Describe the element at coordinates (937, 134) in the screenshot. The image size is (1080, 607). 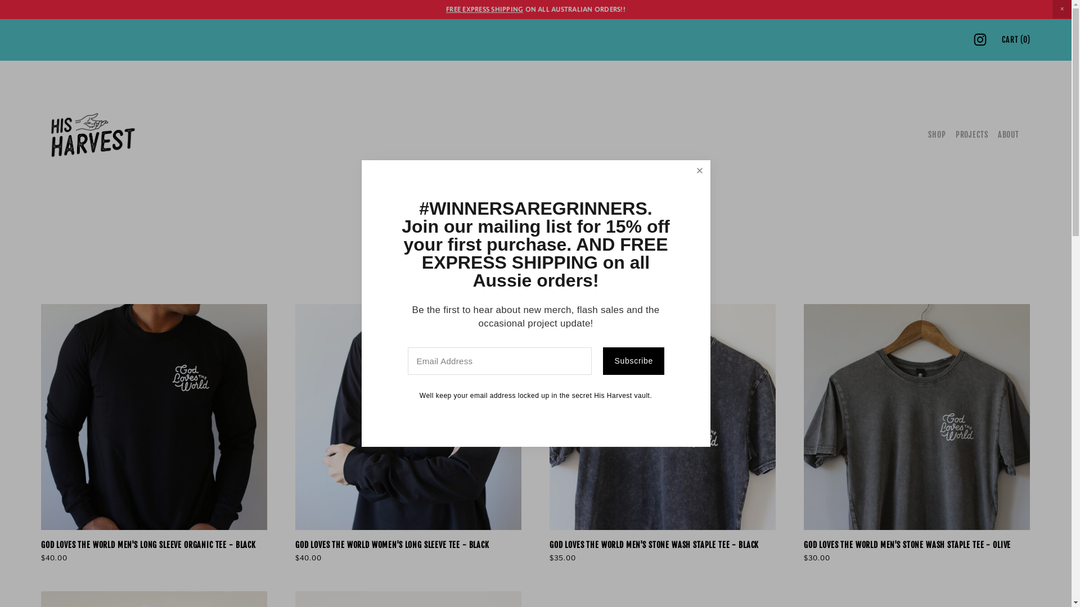
I see `'SHOP'` at that location.